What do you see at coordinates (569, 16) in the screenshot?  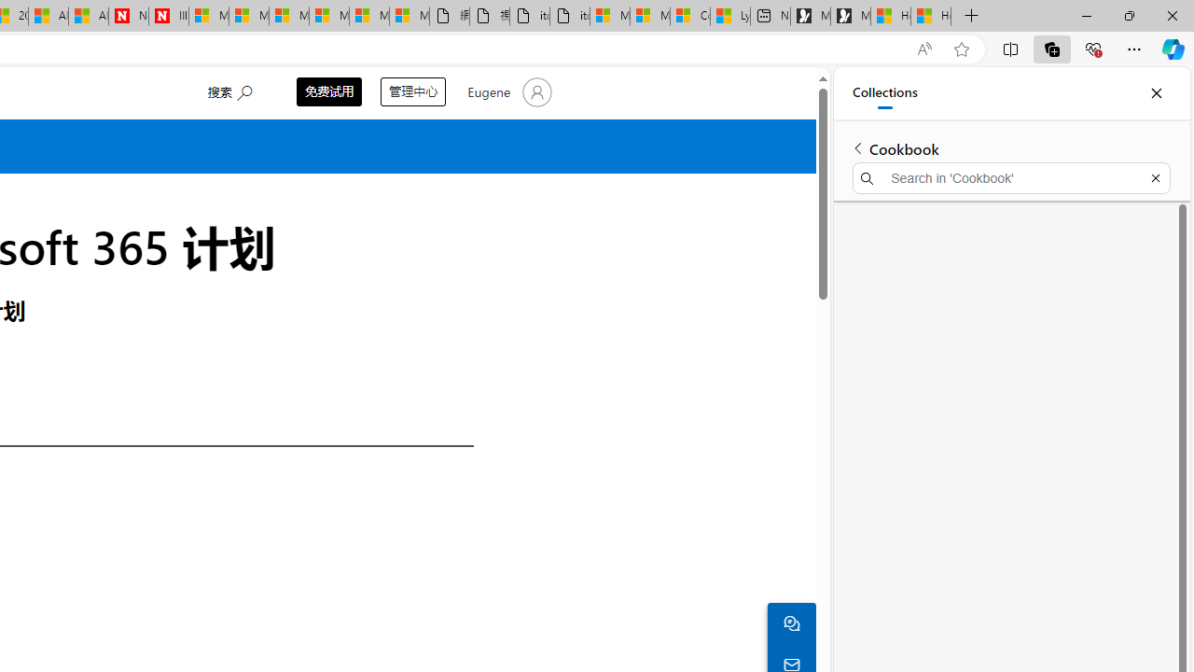 I see `'itconcepthk.com/projector_solutions.mp4'` at bounding box center [569, 16].